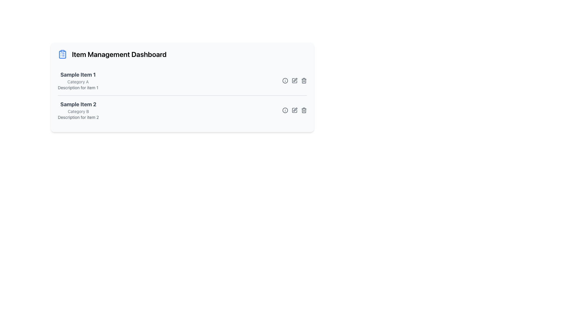 The image size is (564, 317). Describe the element at coordinates (295, 109) in the screenshot. I see `the inner pen icon of the edit control located in the action area of 'Sample Item 2' in the list, which indicates a modification action` at that location.